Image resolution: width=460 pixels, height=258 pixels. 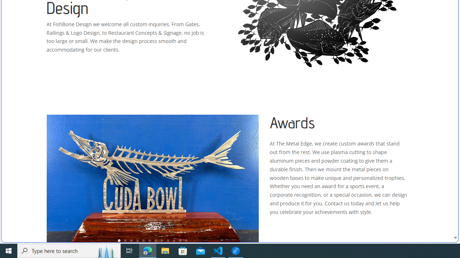 I want to click on '1', so click(x=119, y=240).